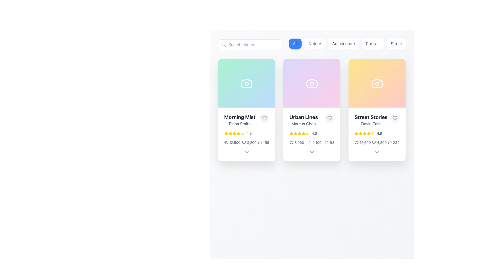 This screenshot has width=487, height=274. Describe the element at coordinates (307, 133) in the screenshot. I see `the fifth yellow star icon in the rating system under the 'Urban Lines' card to interact with it` at that location.